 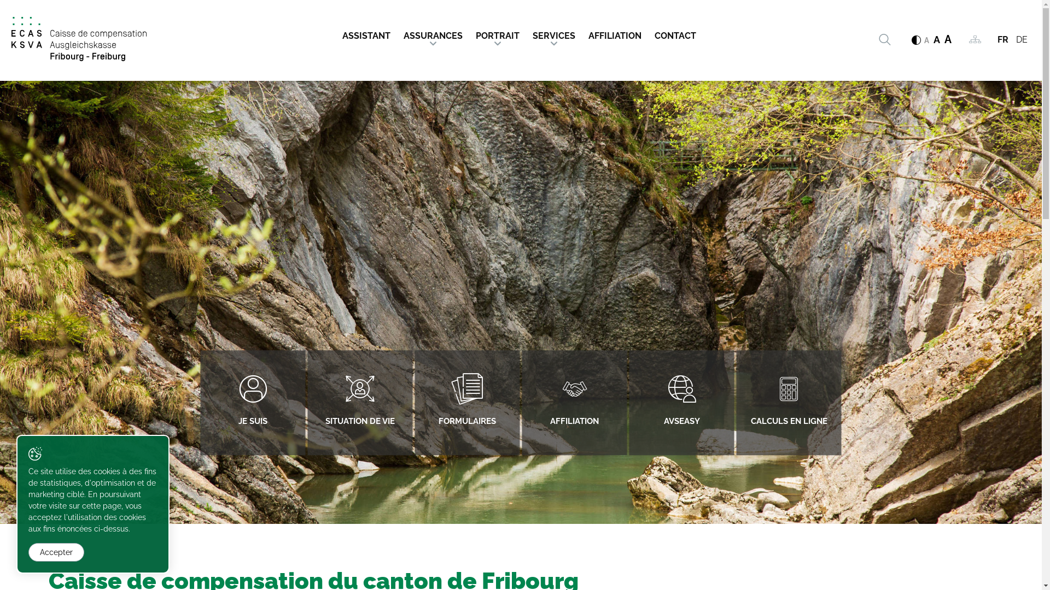 I want to click on 'Accepter', so click(x=28, y=552).